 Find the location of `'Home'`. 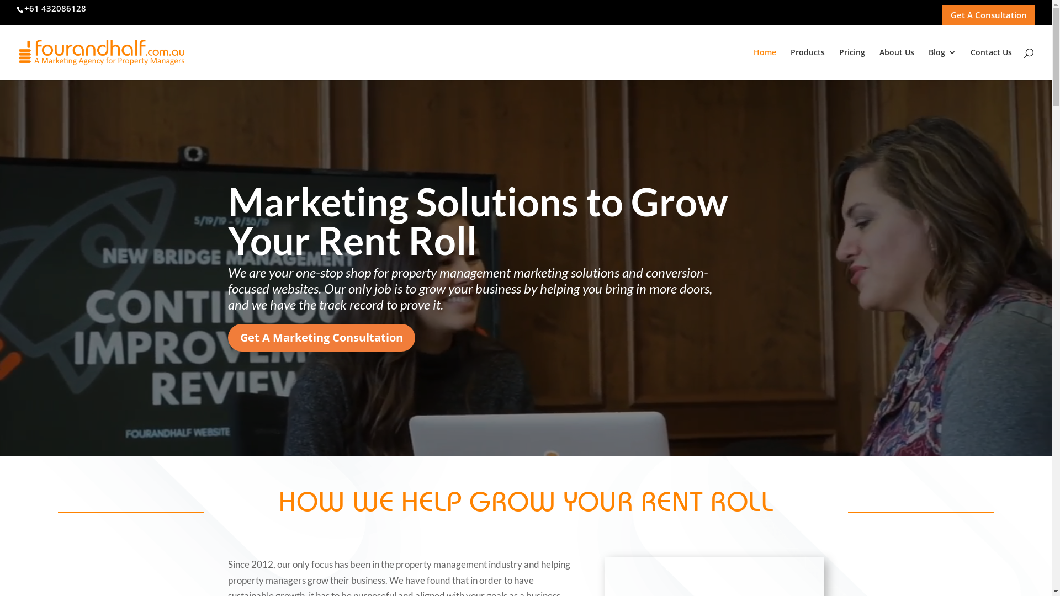

'Home' is located at coordinates (752, 64).